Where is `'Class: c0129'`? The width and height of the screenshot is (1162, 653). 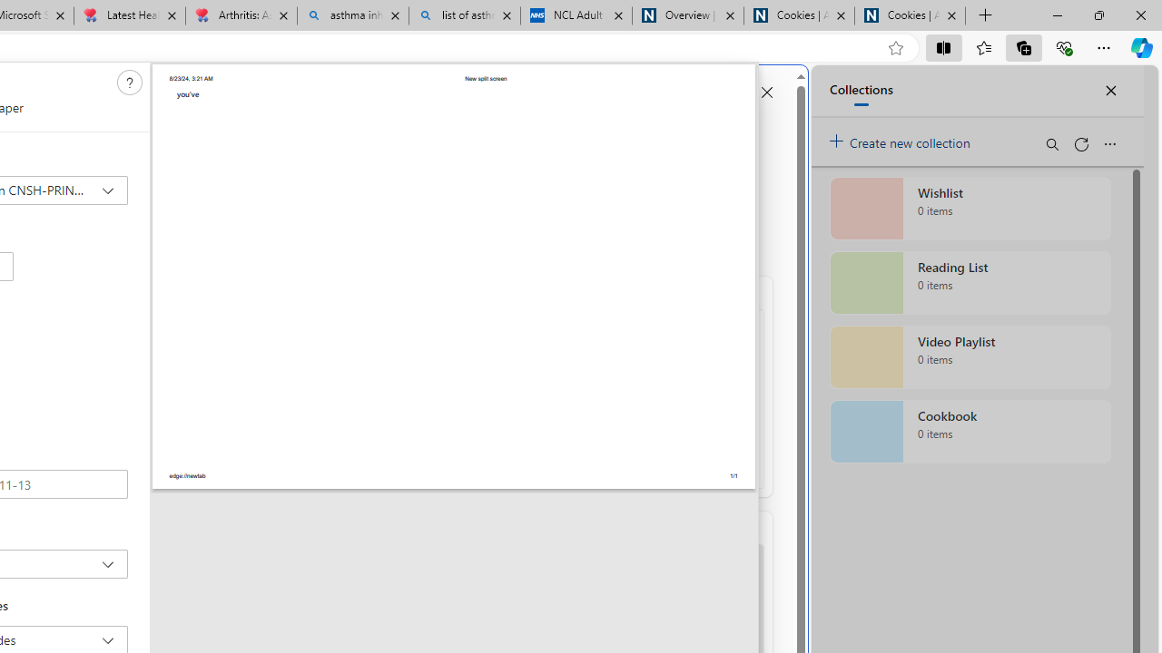
'Class: c0129' is located at coordinates (128, 83).